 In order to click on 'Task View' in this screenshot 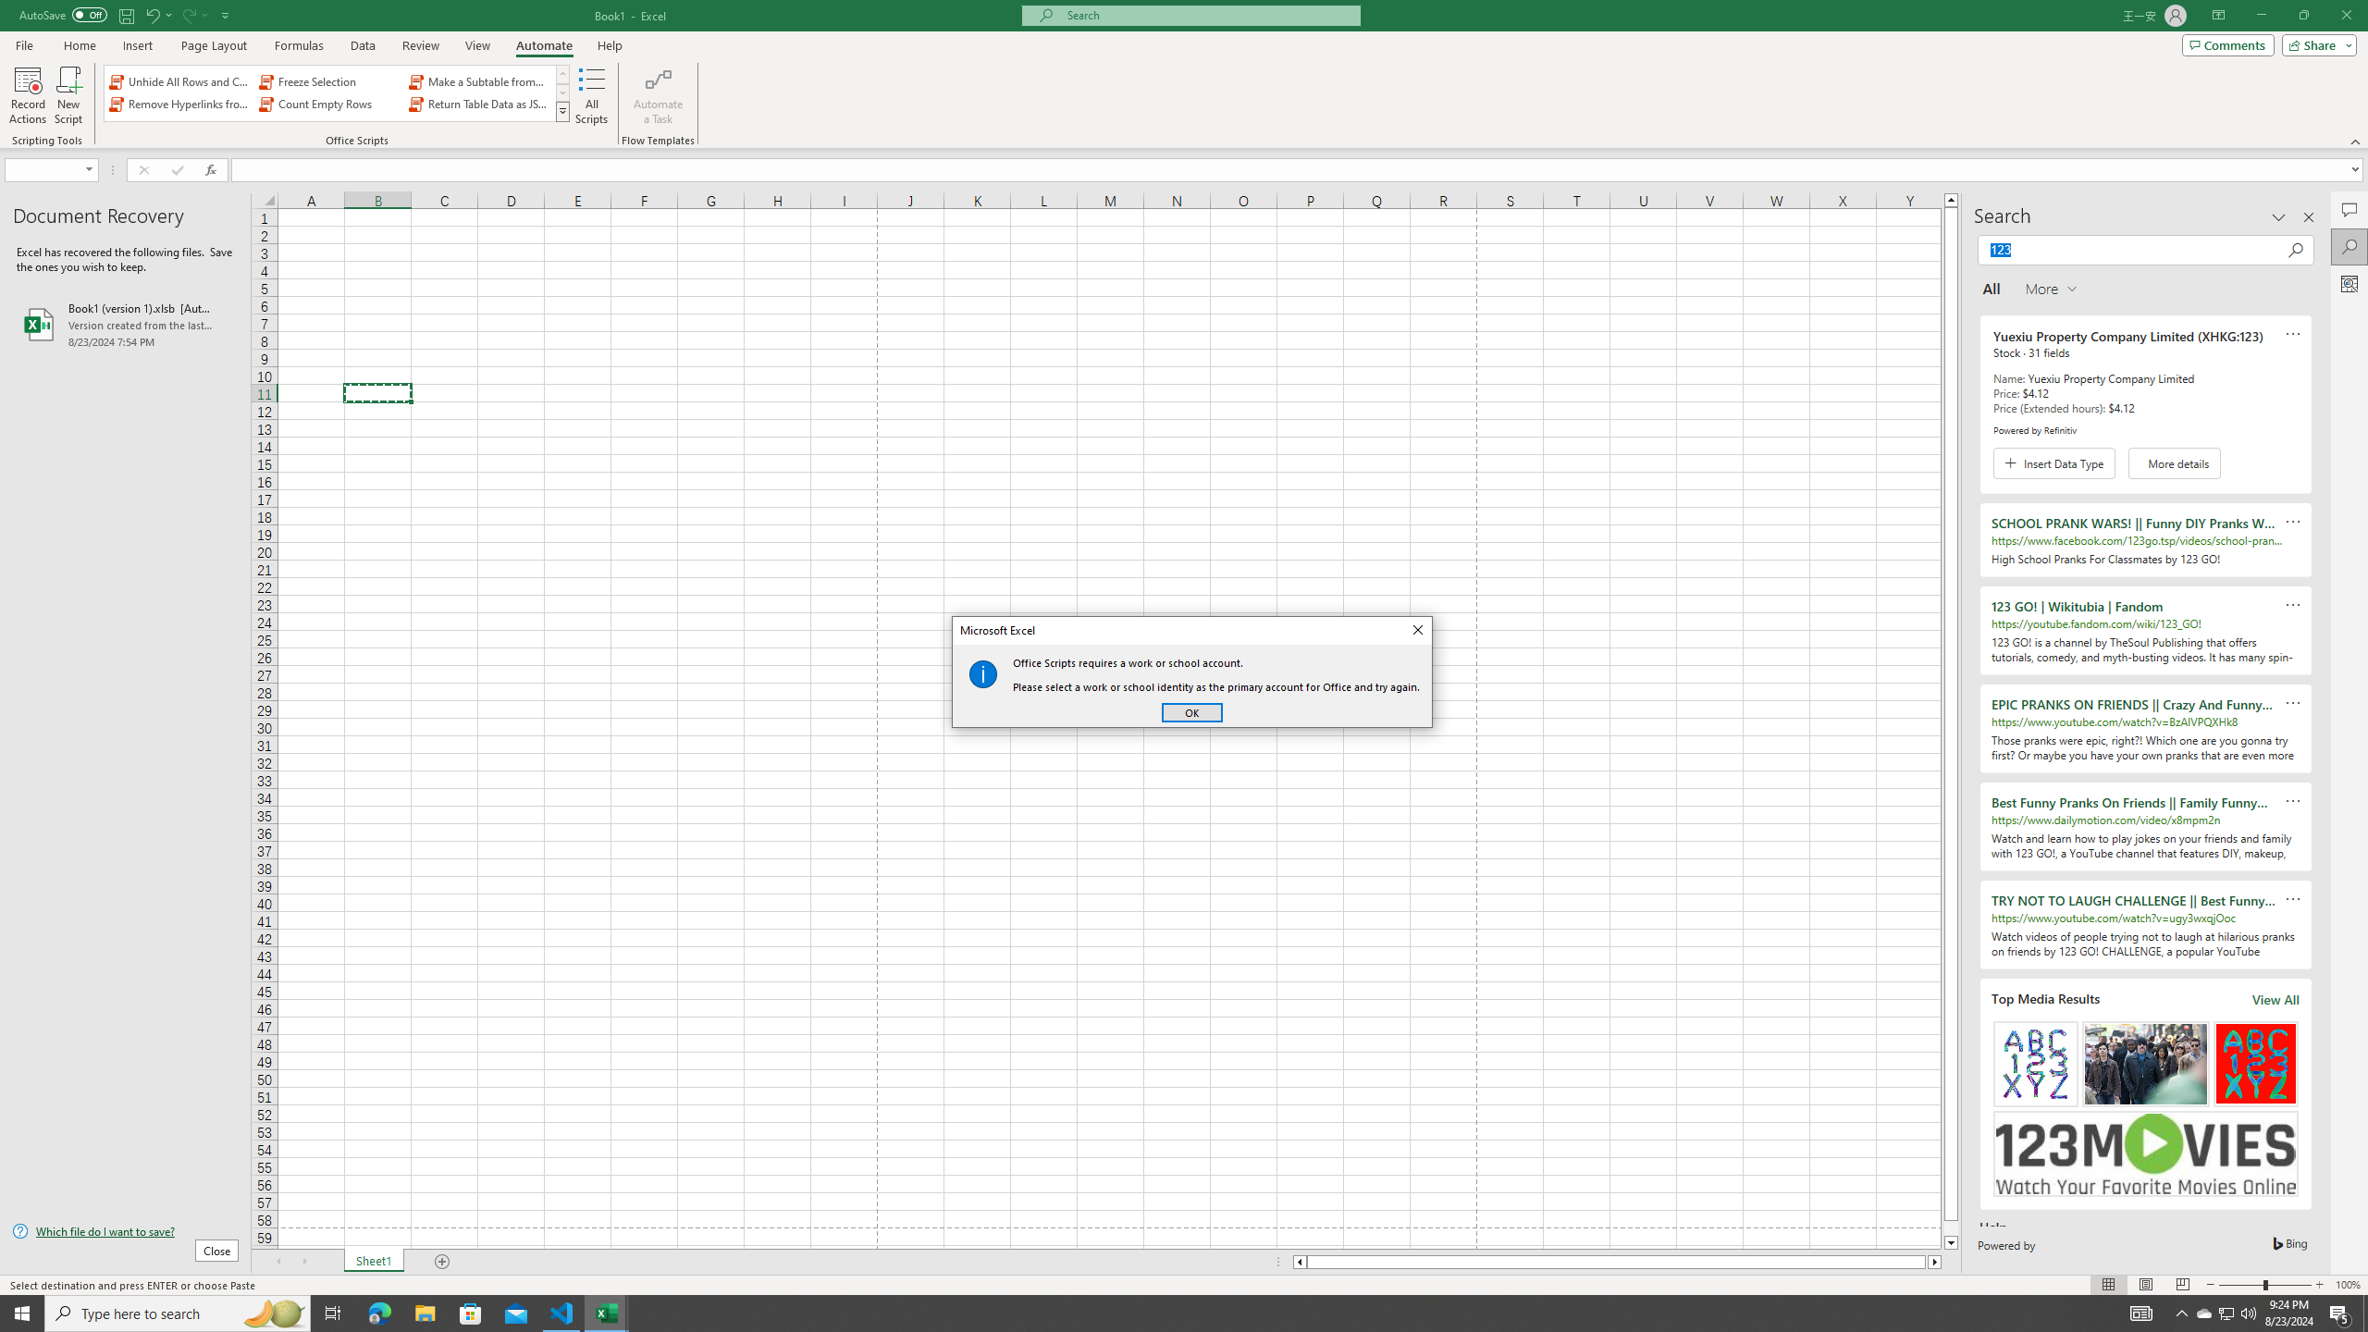, I will do `click(331, 1312)`.